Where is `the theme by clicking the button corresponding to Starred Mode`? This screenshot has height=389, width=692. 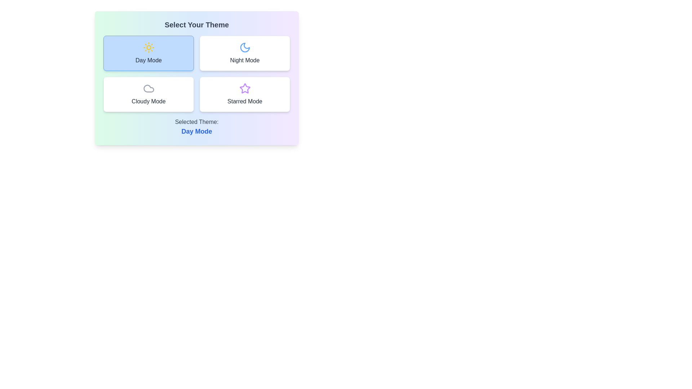
the theme by clicking the button corresponding to Starred Mode is located at coordinates (245, 94).